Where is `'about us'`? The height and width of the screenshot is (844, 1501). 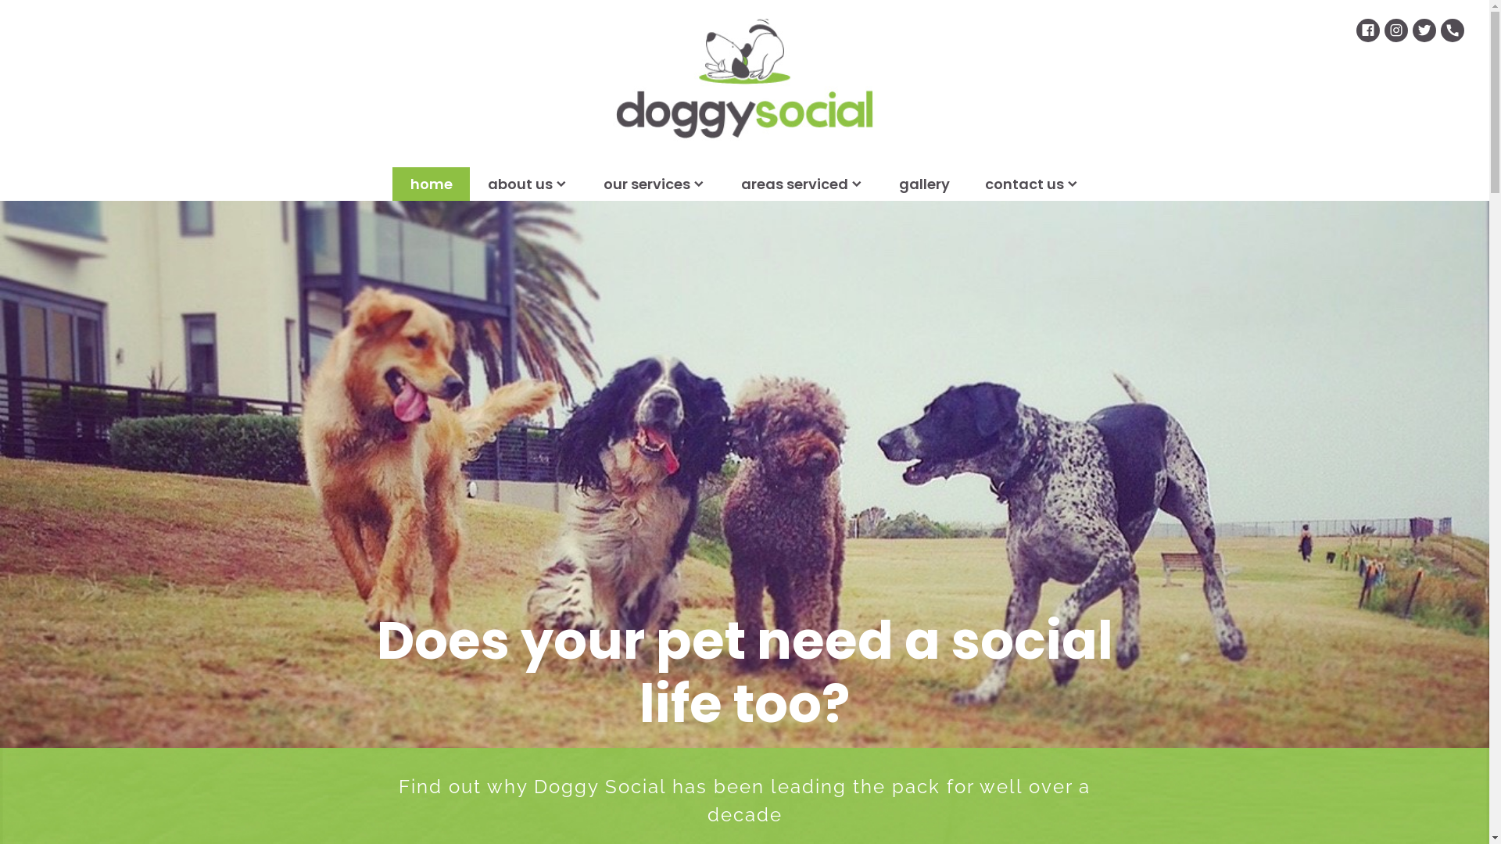
'about us' is located at coordinates (528, 183).